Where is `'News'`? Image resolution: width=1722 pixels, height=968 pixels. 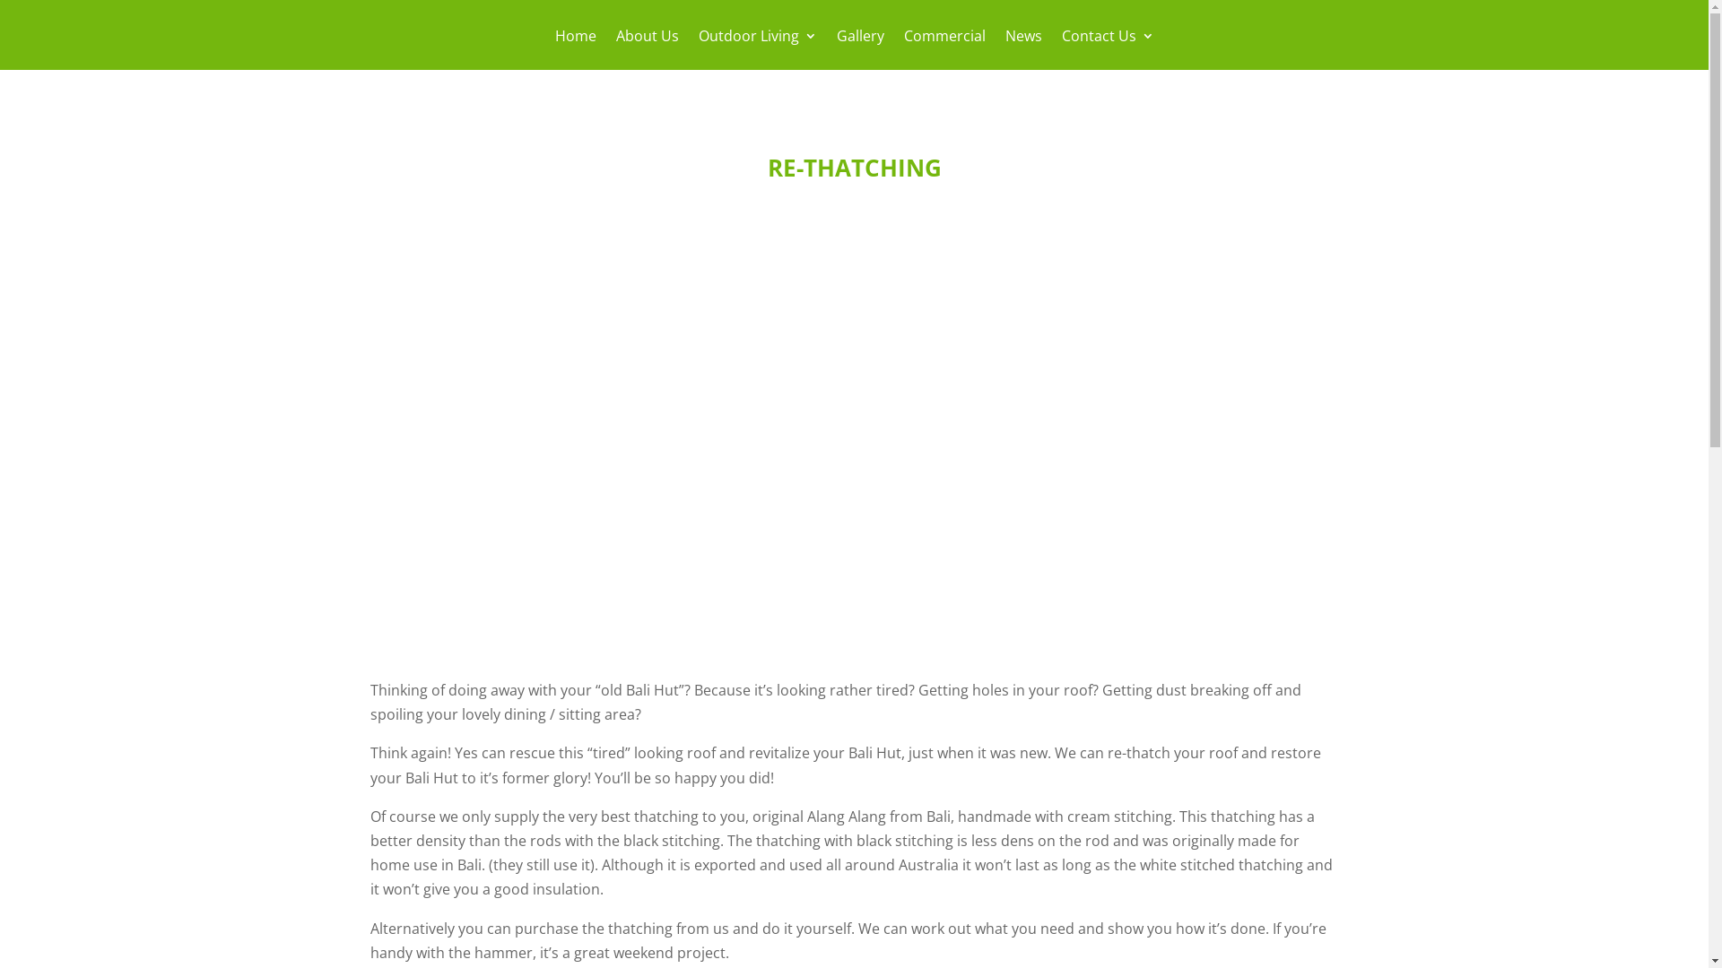 'News' is located at coordinates (1022, 48).